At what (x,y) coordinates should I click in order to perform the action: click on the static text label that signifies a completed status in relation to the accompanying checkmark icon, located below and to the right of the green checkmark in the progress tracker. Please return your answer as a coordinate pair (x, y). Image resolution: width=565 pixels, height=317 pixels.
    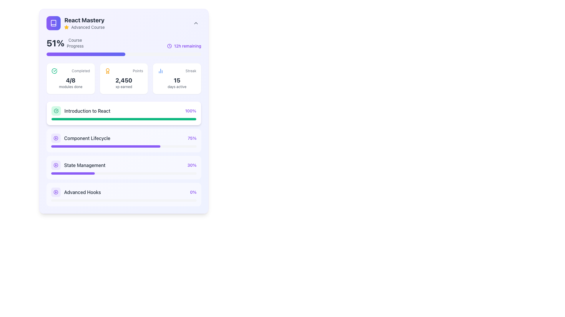
    Looking at the image, I should click on (80, 71).